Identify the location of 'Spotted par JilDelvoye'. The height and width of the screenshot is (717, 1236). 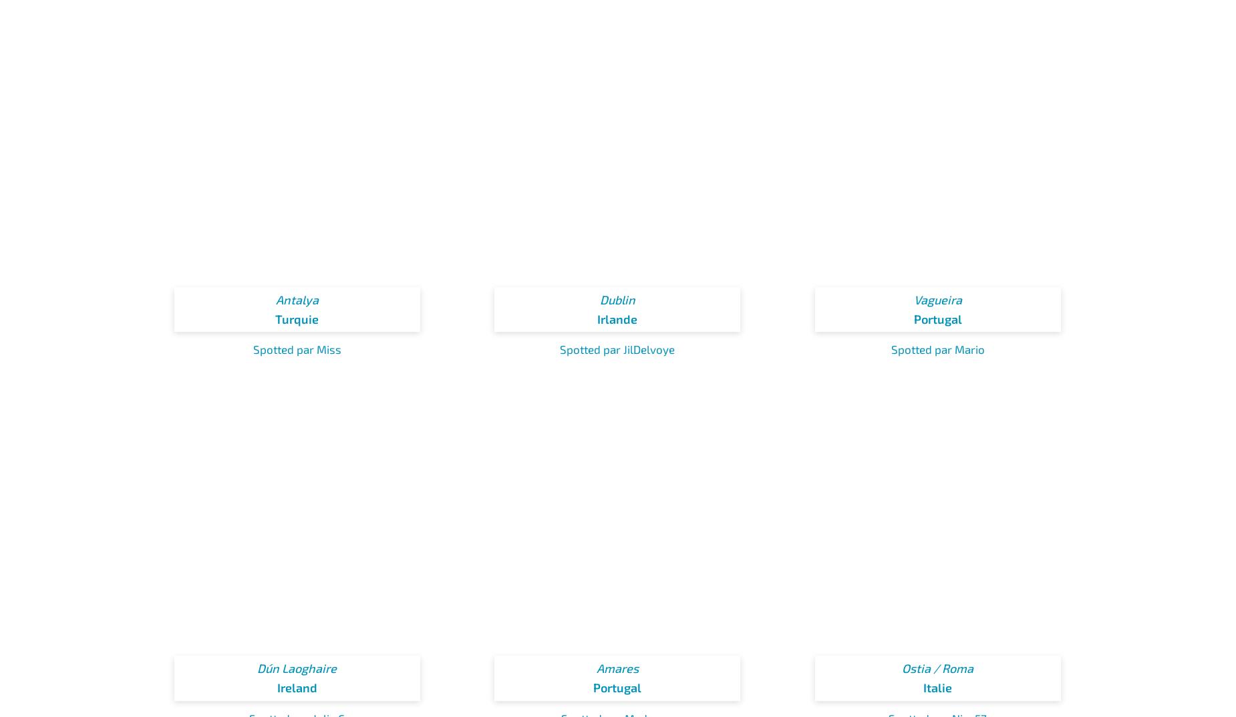
(617, 349).